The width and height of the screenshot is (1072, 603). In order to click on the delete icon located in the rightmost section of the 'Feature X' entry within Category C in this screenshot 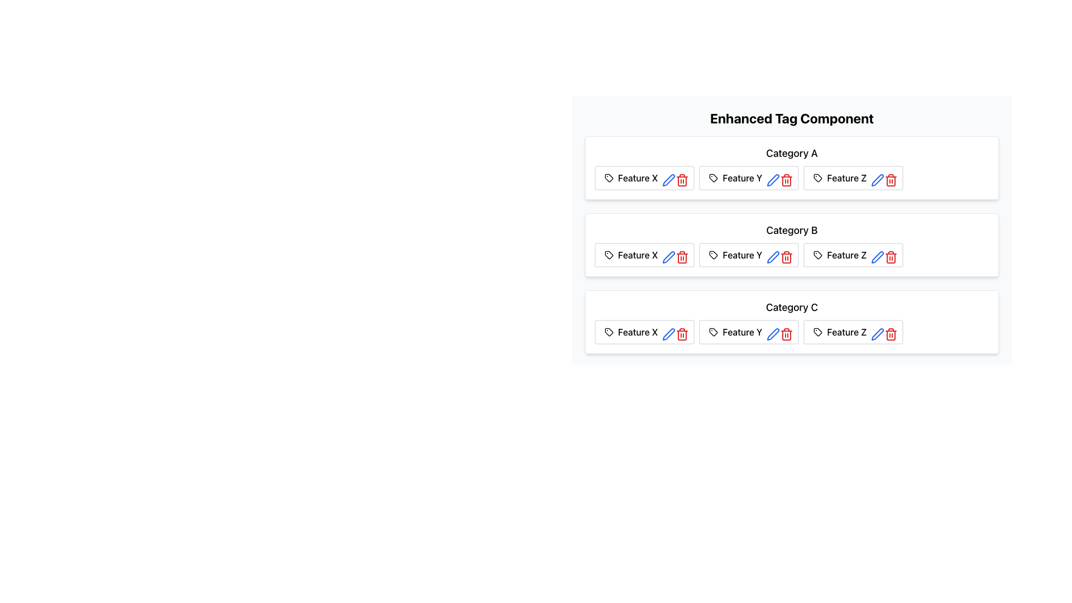, I will do `click(682, 333)`.